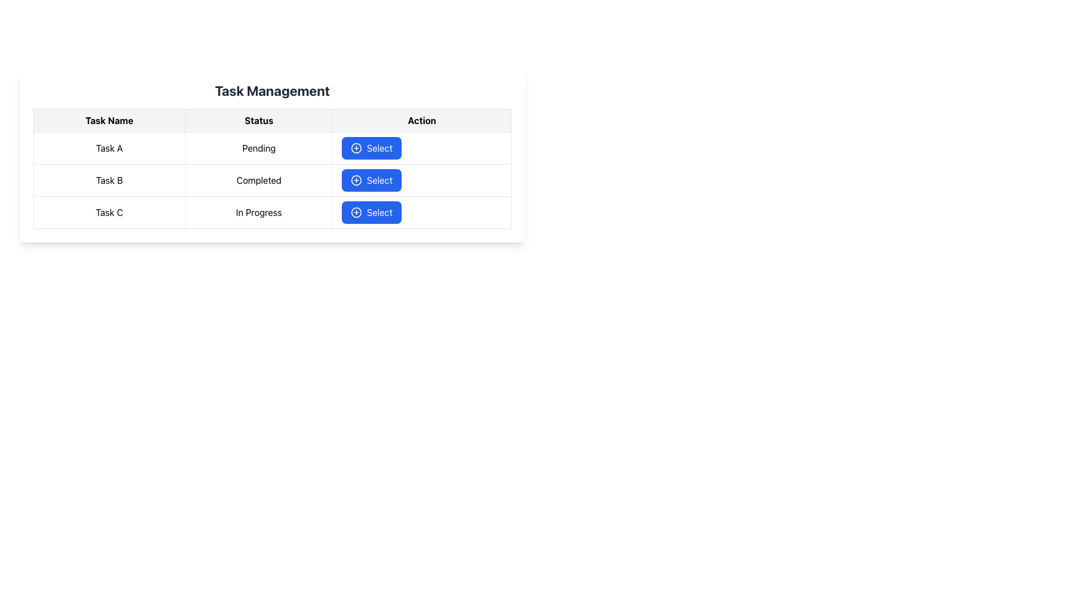 The image size is (1083, 609). I want to click on the third 'Select' button in the 'Action' column of the 'Task Management' table, so click(380, 213).